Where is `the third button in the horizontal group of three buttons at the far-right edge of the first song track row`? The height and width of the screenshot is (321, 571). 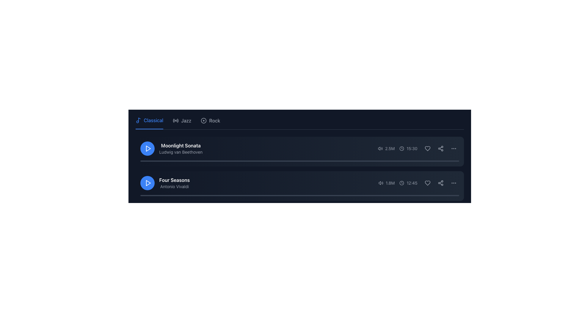
the third button in the horizontal group of three buttons at the far-right edge of the first song track row is located at coordinates (453, 148).